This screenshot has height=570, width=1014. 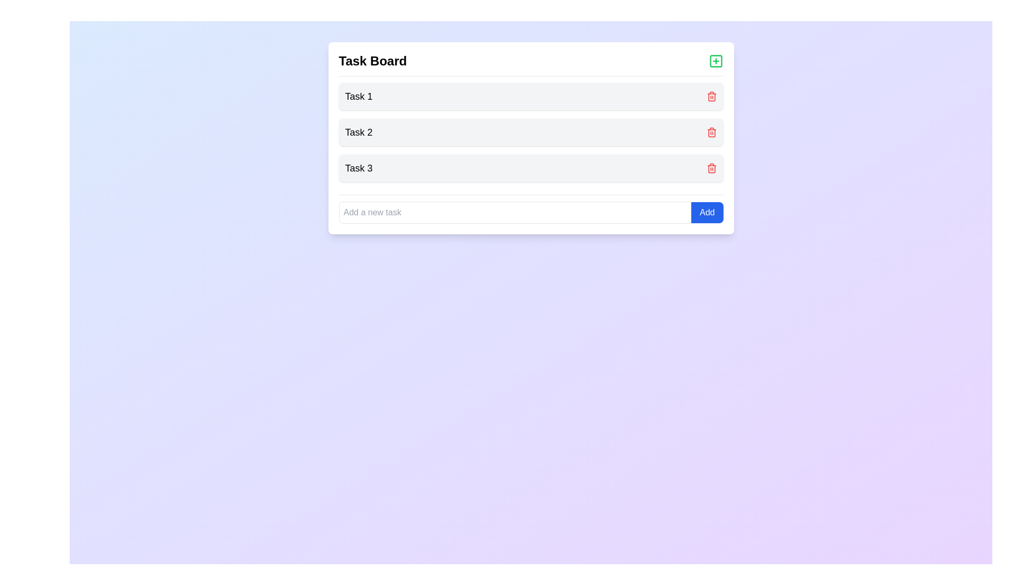 I want to click on the red trash icon representing the delete function for 'Task 2' in the task list interface, so click(x=711, y=97).